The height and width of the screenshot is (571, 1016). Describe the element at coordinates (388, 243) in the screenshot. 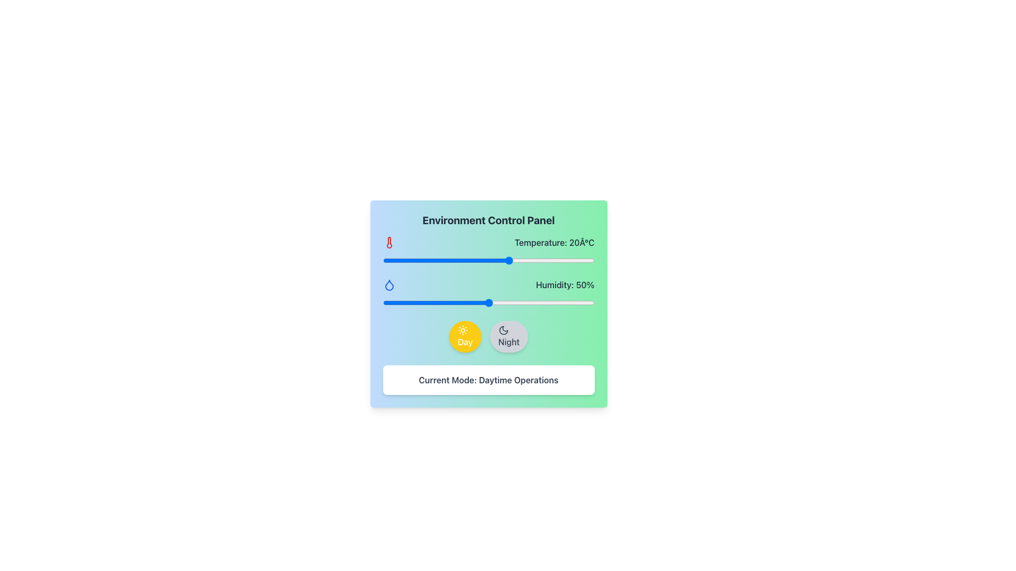

I see `the thermometer icon located on the left side of the 'Temperature' section, which visually indicates the temperature parameter` at that location.